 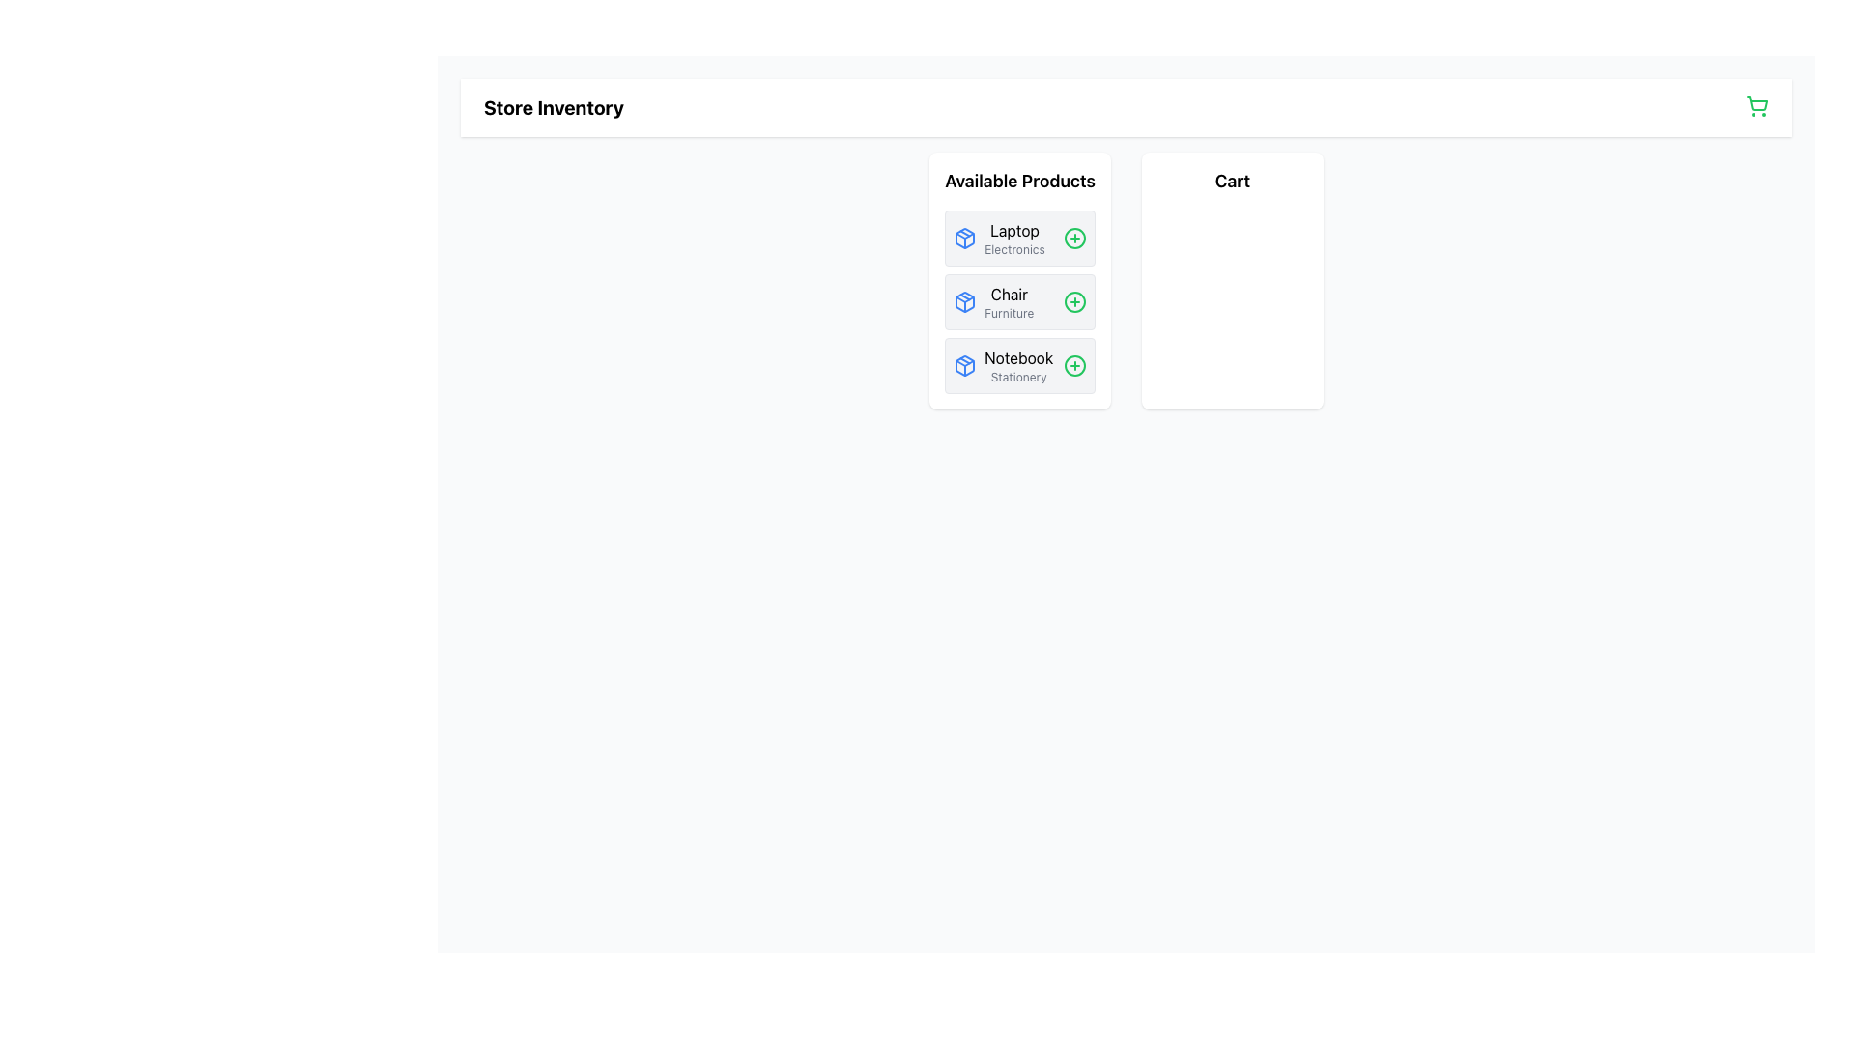 What do you see at coordinates (1231, 182) in the screenshot?
I see `the Text Label located at the top-center of the white rectangular card displaying the shopping cart information` at bounding box center [1231, 182].